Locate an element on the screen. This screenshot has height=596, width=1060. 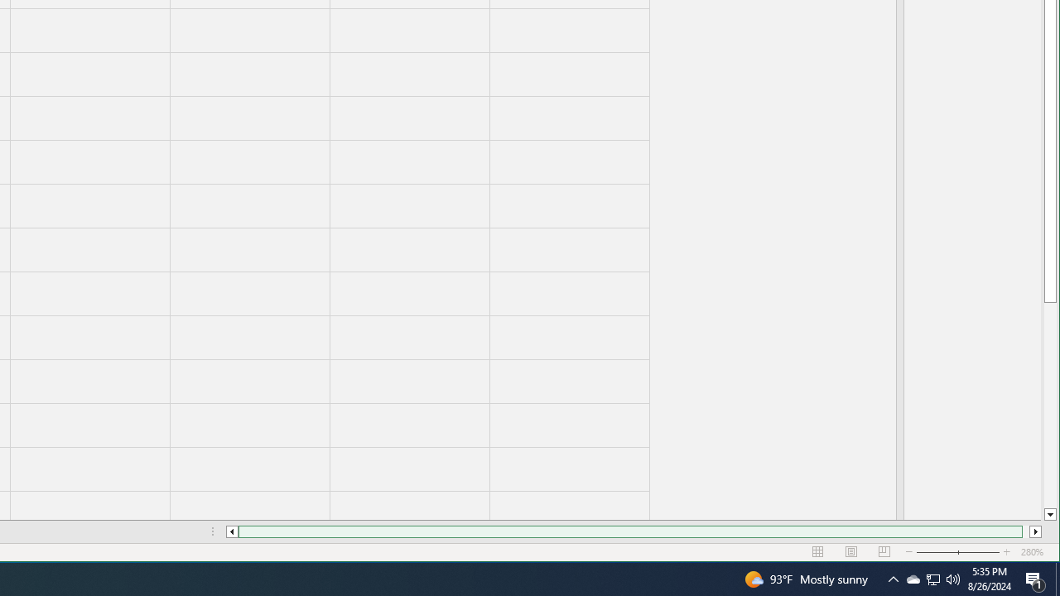
'Action Center, 1 new notification' is located at coordinates (1035, 578).